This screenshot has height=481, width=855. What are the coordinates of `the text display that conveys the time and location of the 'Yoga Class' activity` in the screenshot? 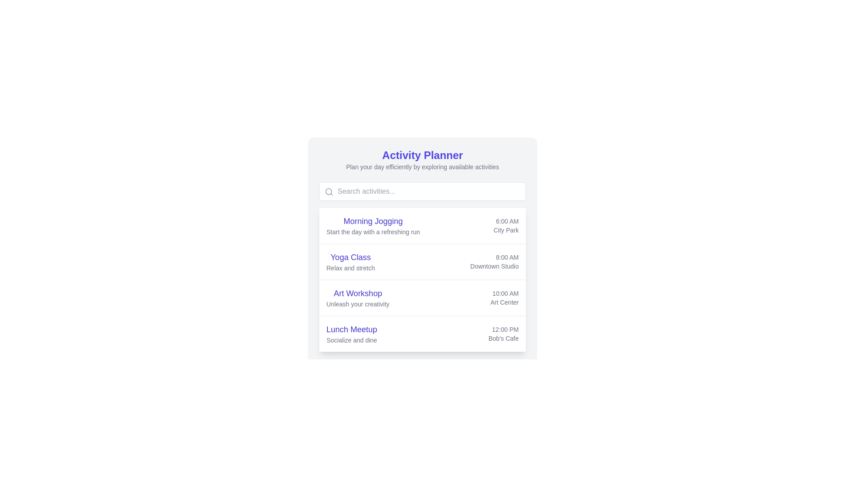 It's located at (494, 261).